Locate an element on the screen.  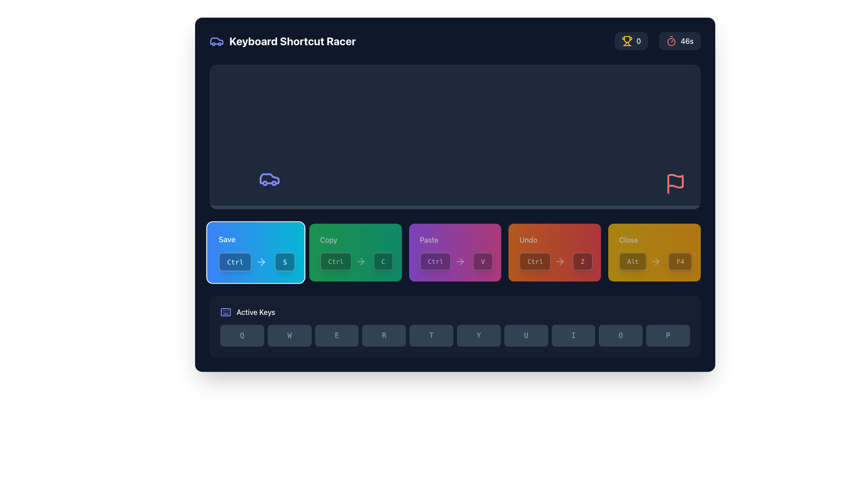
the virtual keyboard key button labeled 'I' is located at coordinates (573, 336).